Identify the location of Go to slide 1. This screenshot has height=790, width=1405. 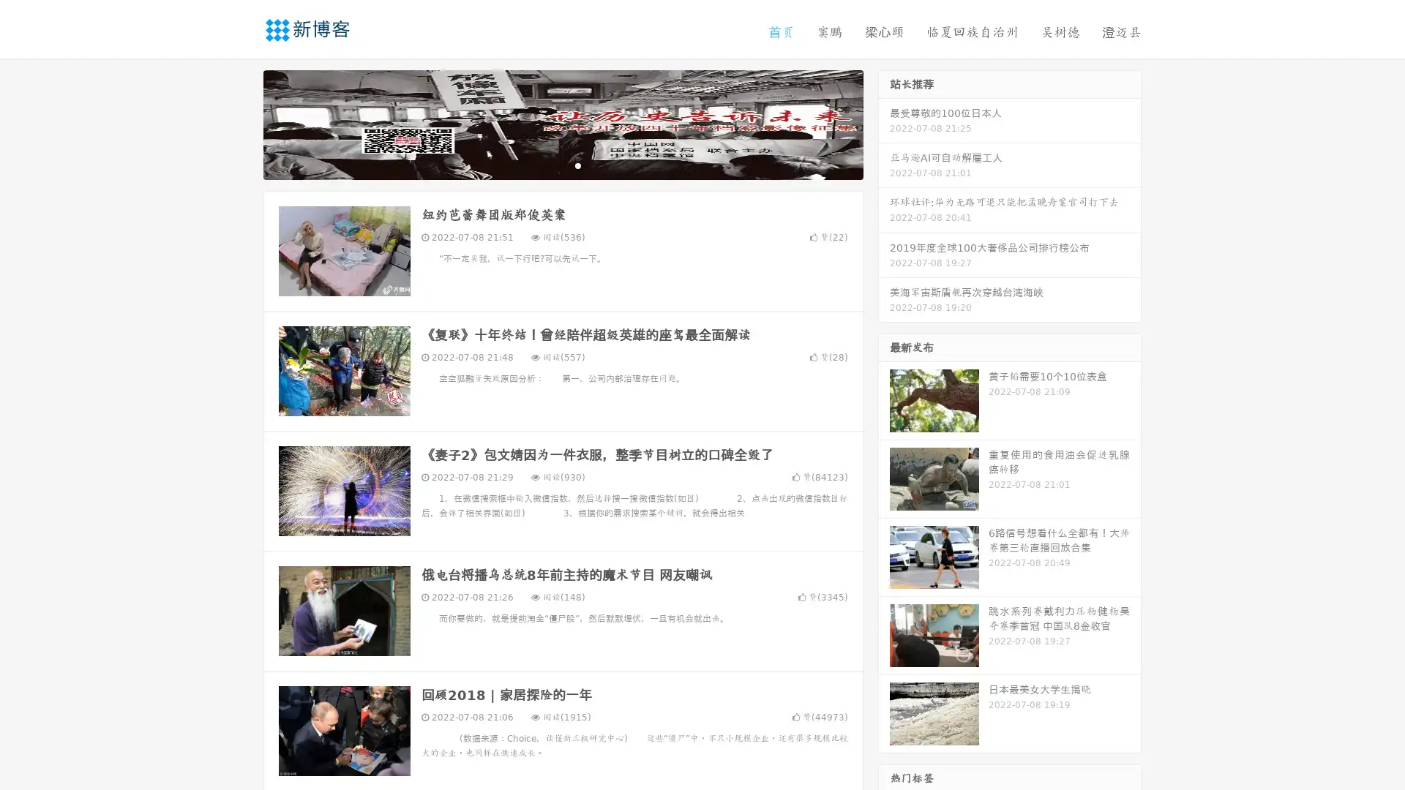
(547, 165).